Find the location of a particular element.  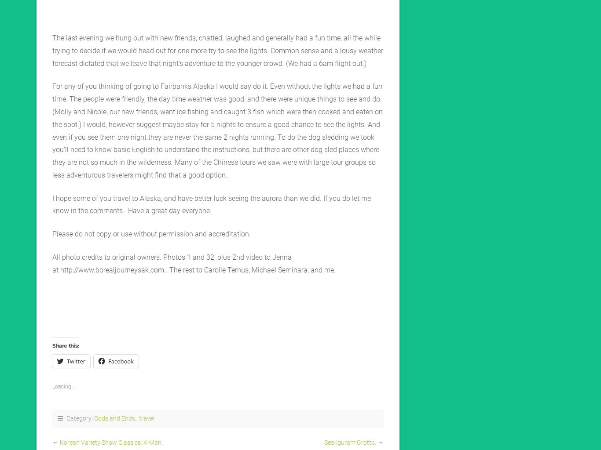

'I hope some of you travel to Alaska, and have better luck seeing the aurora than we did. If you do let me know in the comments.  Have a great day everyone.' is located at coordinates (51, 203).